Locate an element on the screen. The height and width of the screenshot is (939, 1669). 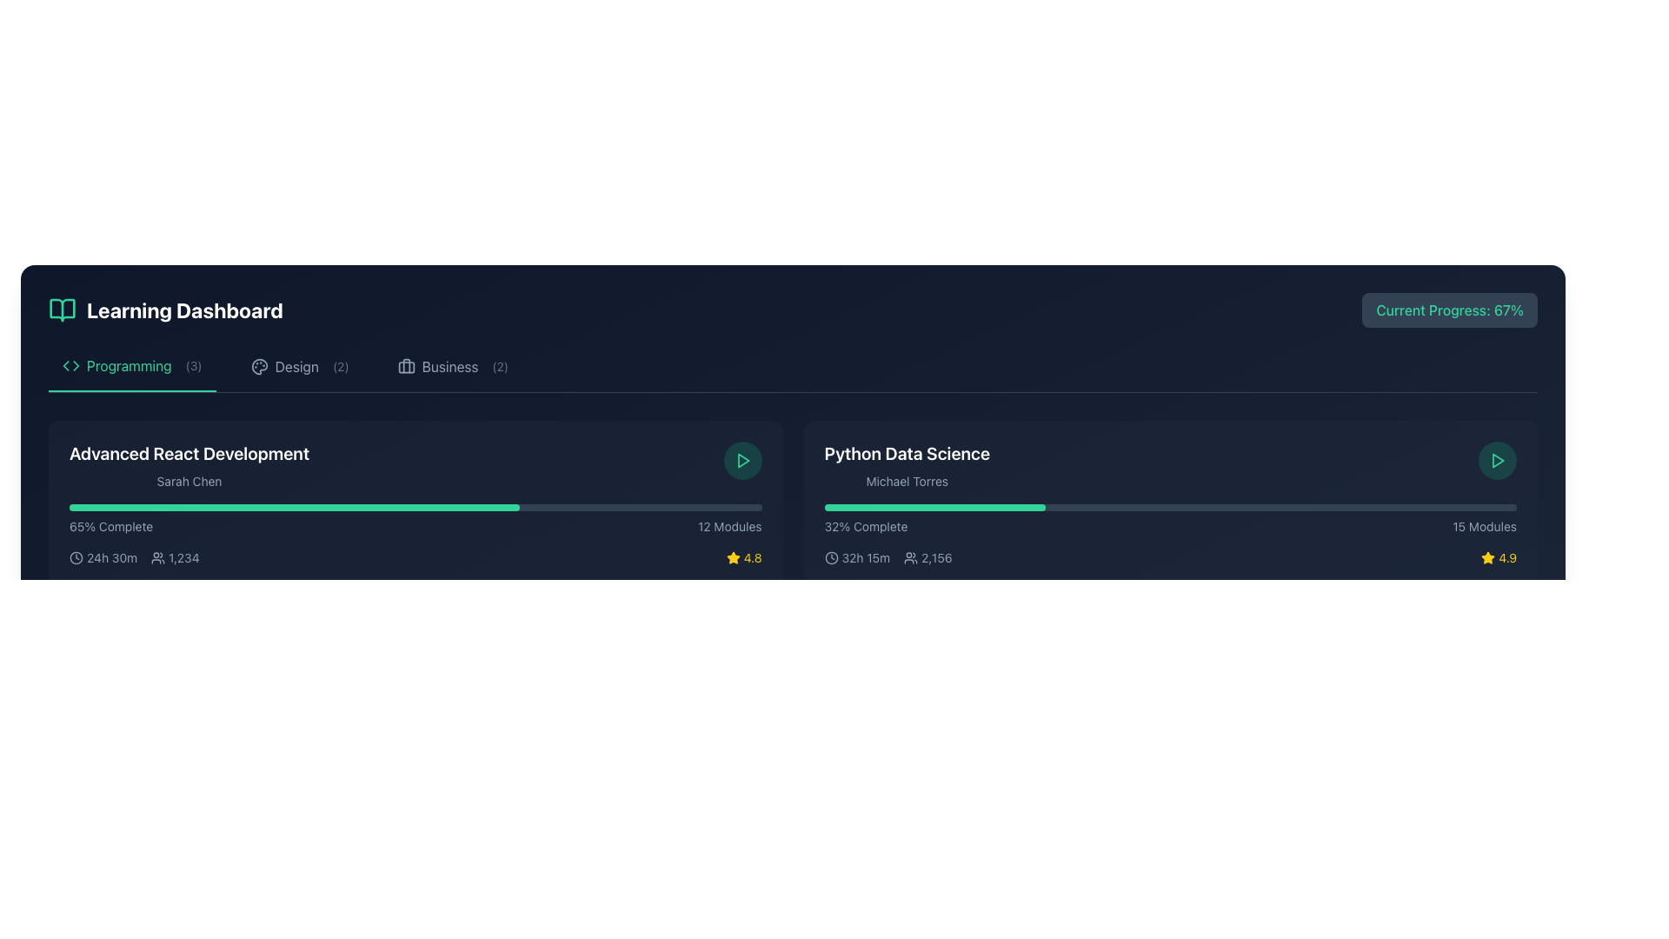
the star icon representing a rating for the associated course, located in the bottom-right corner of the second course module, next to the numerical rating '4.9' is located at coordinates (1487, 557).